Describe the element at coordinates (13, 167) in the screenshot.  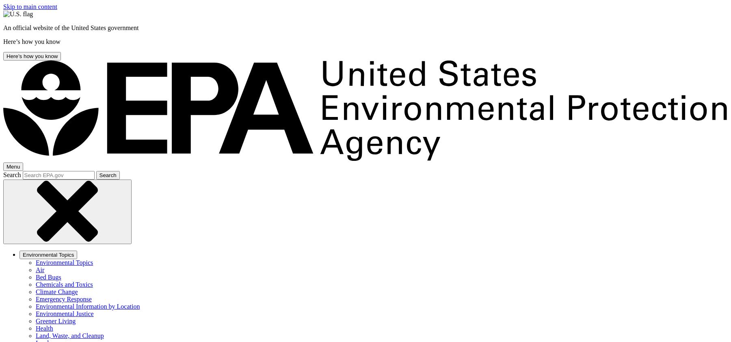
I see `'Menu'` at that location.